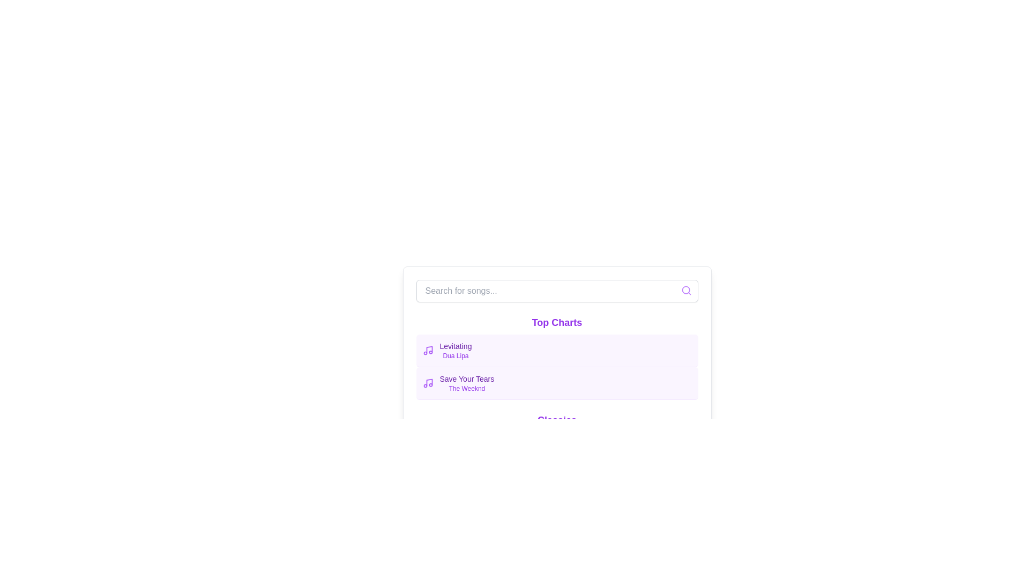 This screenshot has width=1029, height=579. What do you see at coordinates (557, 419) in the screenshot?
I see `the text label displaying 'Classics', which is styled in bold purple font and located at the bottom of the 'Top Charts' list` at bounding box center [557, 419].